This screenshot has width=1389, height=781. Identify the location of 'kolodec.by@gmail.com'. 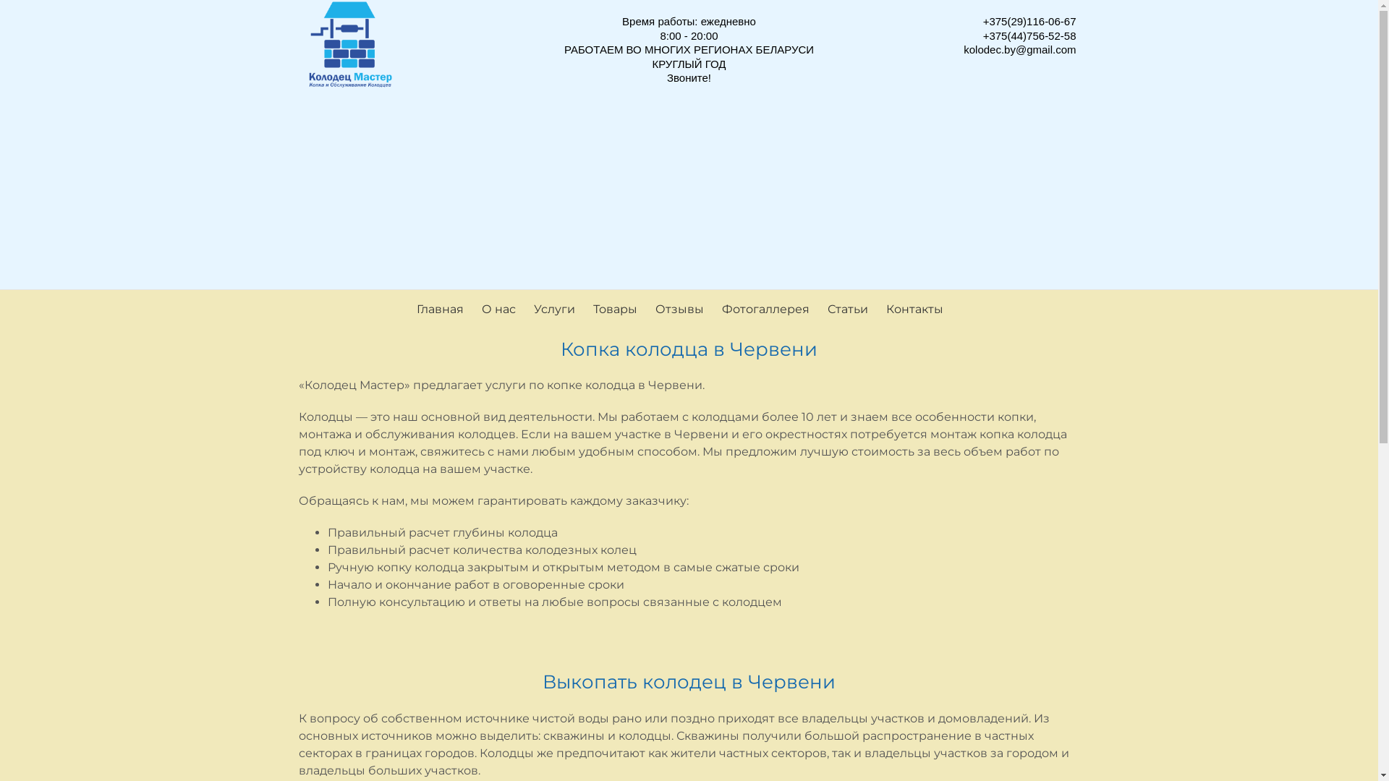
(1019, 48).